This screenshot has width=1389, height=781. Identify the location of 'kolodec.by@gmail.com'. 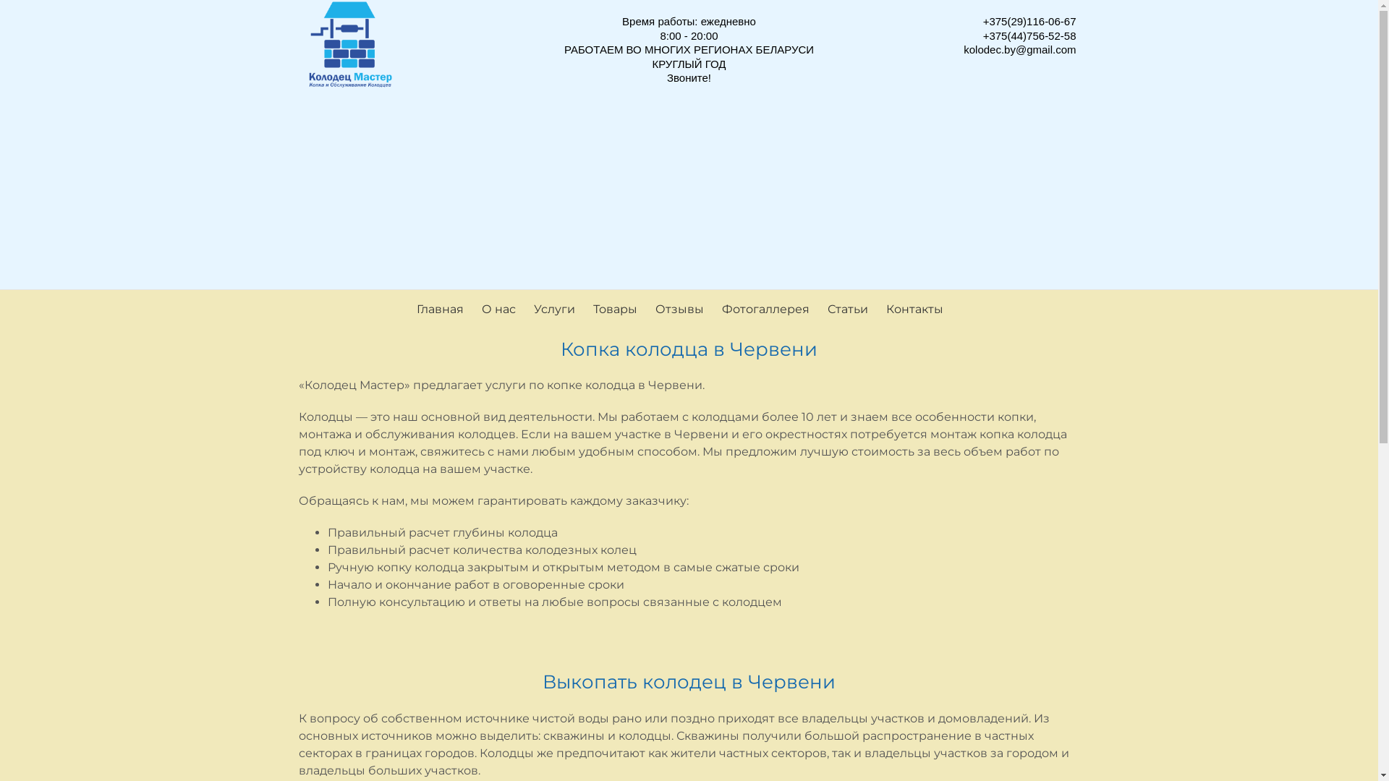
(1019, 48).